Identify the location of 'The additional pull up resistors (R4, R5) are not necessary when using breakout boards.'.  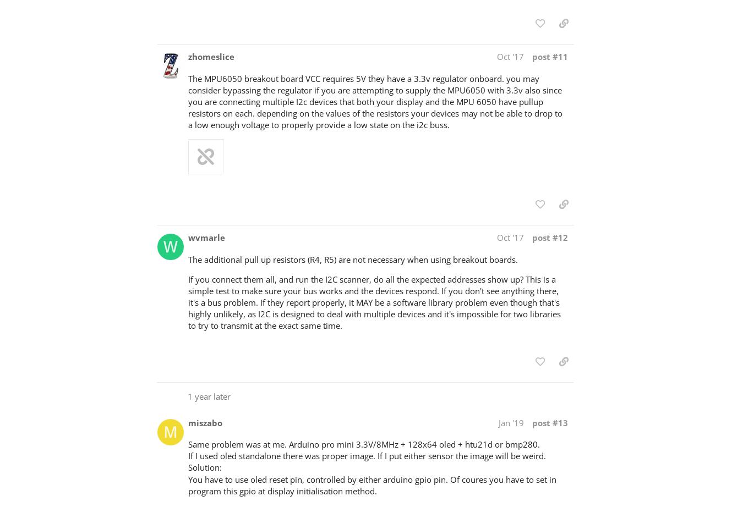
(353, 258).